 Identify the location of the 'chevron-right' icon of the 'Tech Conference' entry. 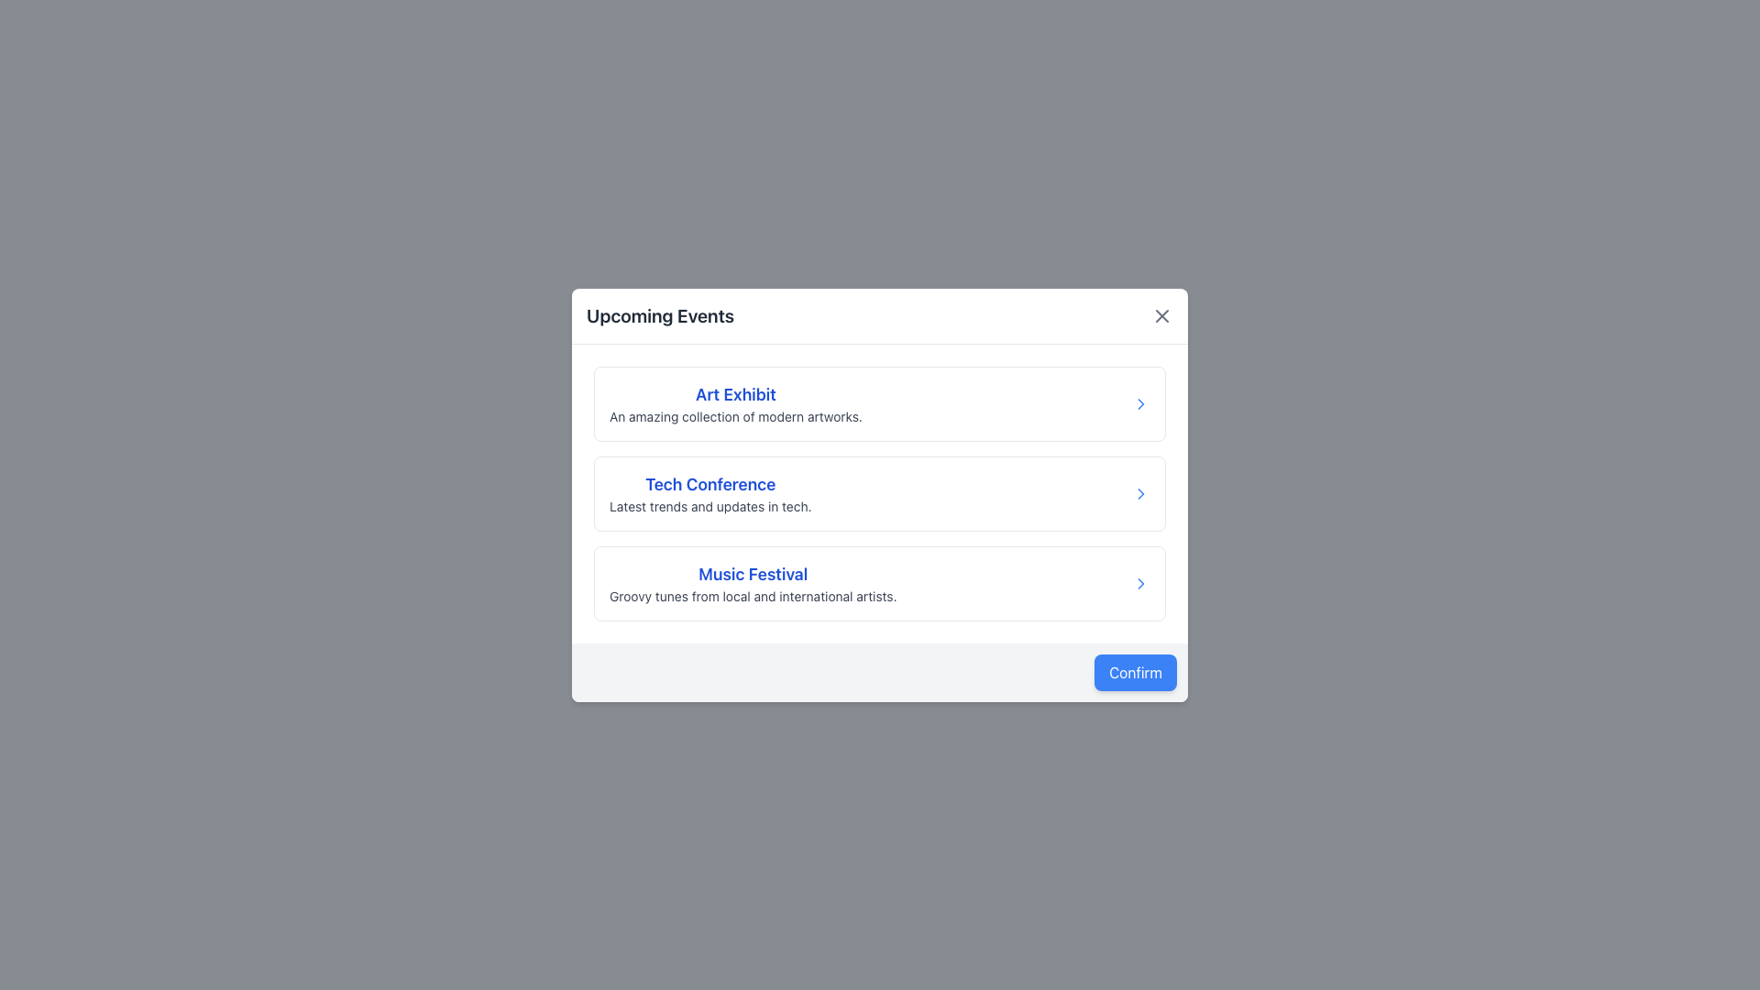
(1139, 491).